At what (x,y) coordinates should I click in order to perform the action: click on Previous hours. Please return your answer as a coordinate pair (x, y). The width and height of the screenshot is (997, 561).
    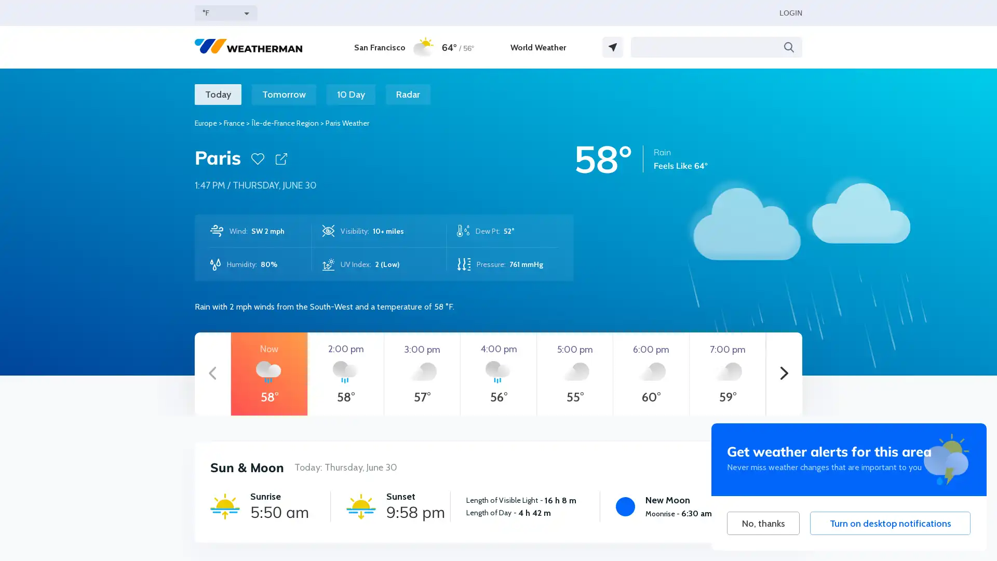
    Looking at the image, I should click on (212, 374).